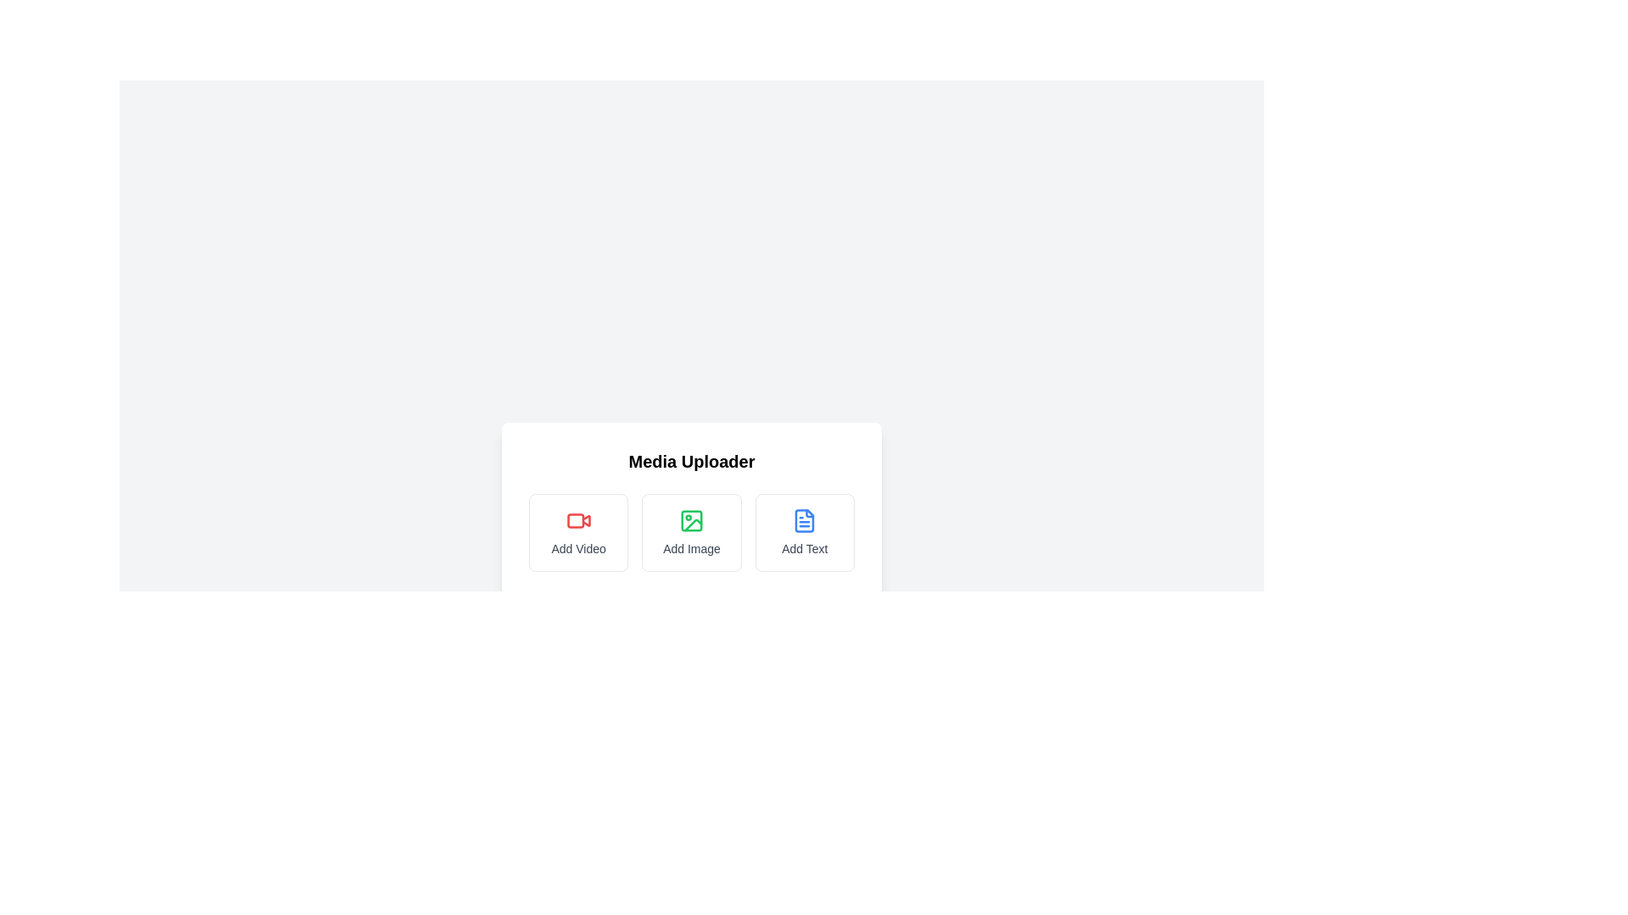  Describe the element at coordinates (692, 531) in the screenshot. I see `the 'Add Image' button` at that location.